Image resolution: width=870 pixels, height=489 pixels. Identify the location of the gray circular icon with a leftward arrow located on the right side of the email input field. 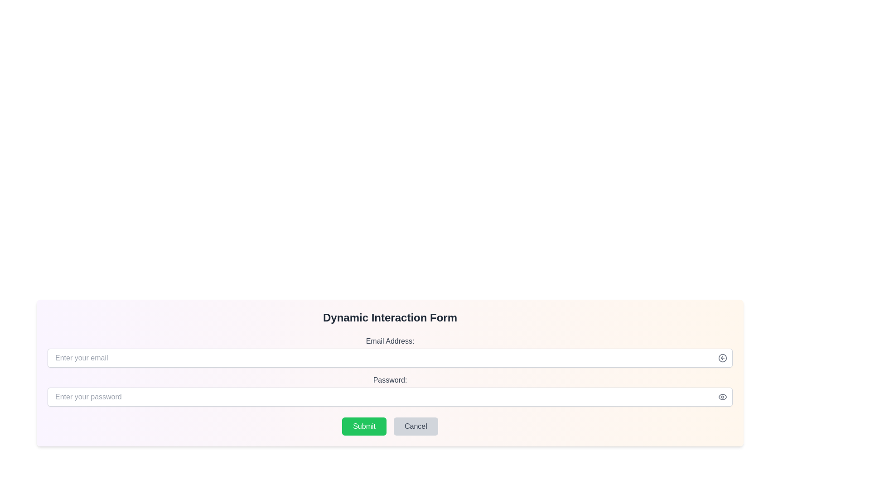
(722, 357).